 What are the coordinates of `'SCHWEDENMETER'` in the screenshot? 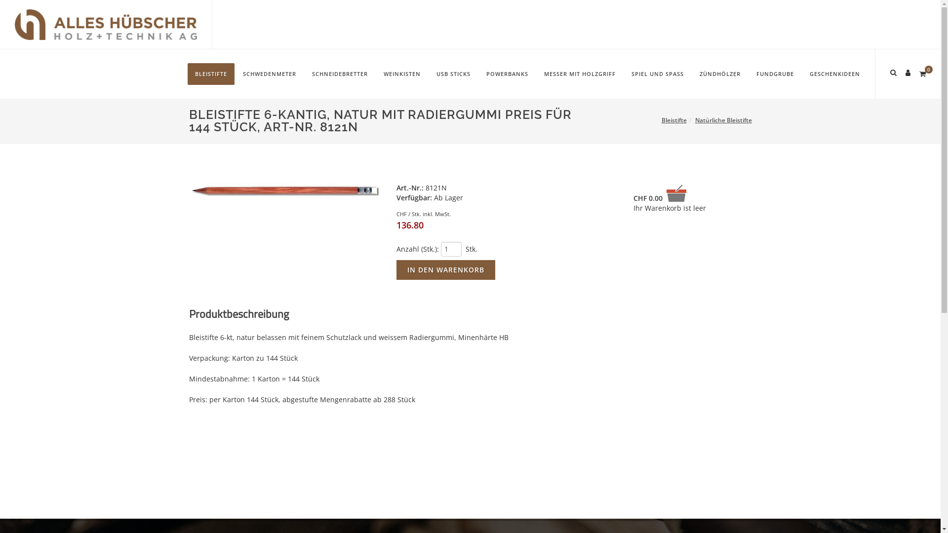 It's located at (270, 74).